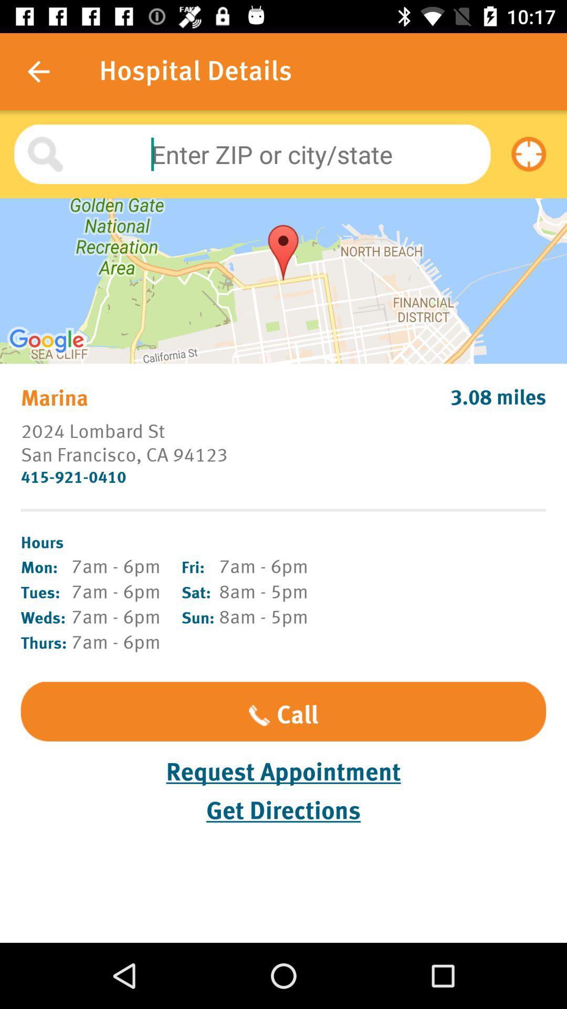  I want to click on request appointment item, so click(283, 772).